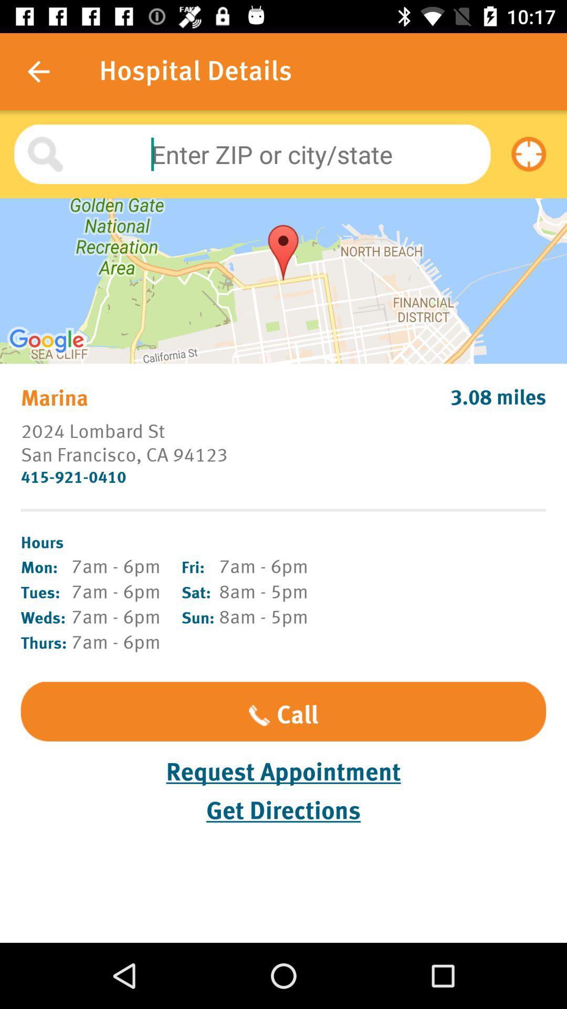  I want to click on request appointment item, so click(283, 772).